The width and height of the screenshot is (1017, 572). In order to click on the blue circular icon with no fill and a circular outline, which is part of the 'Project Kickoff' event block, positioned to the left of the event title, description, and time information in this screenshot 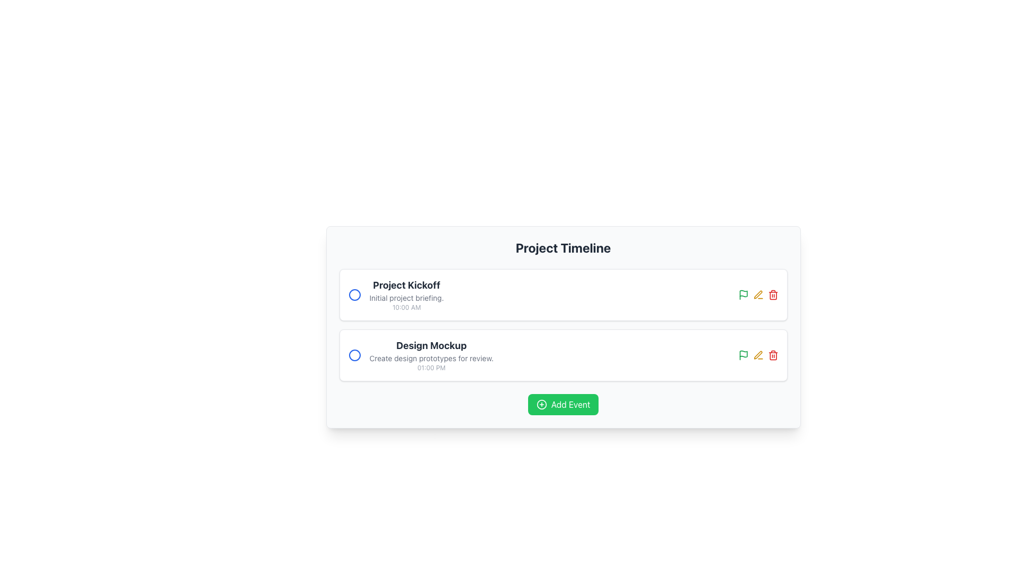, I will do `click(354, 294)`.